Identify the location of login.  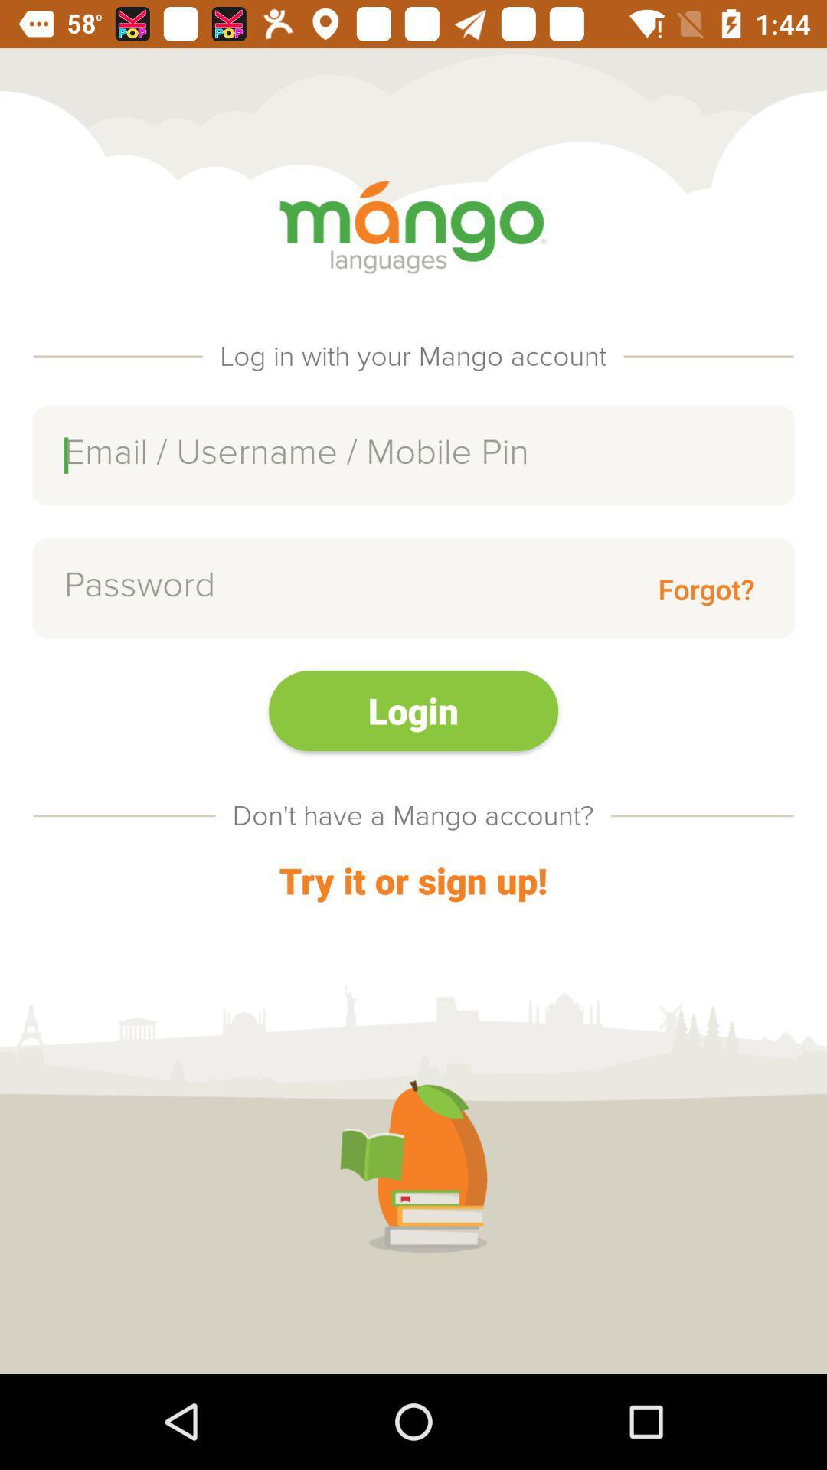
(413, 710).